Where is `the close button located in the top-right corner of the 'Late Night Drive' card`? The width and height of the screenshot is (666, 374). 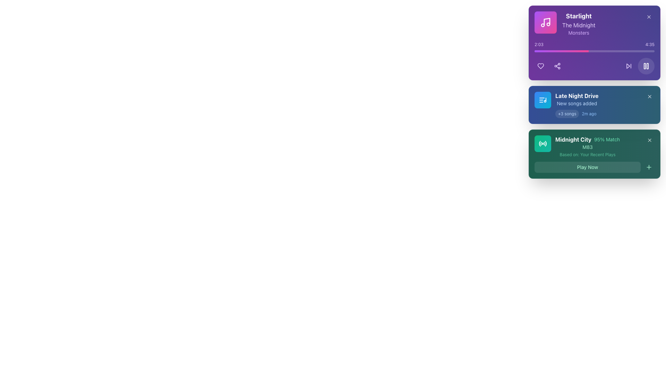 the close button located in the top-right corner of the 'Late Night Drive' card is located at coordinates (649, 96).